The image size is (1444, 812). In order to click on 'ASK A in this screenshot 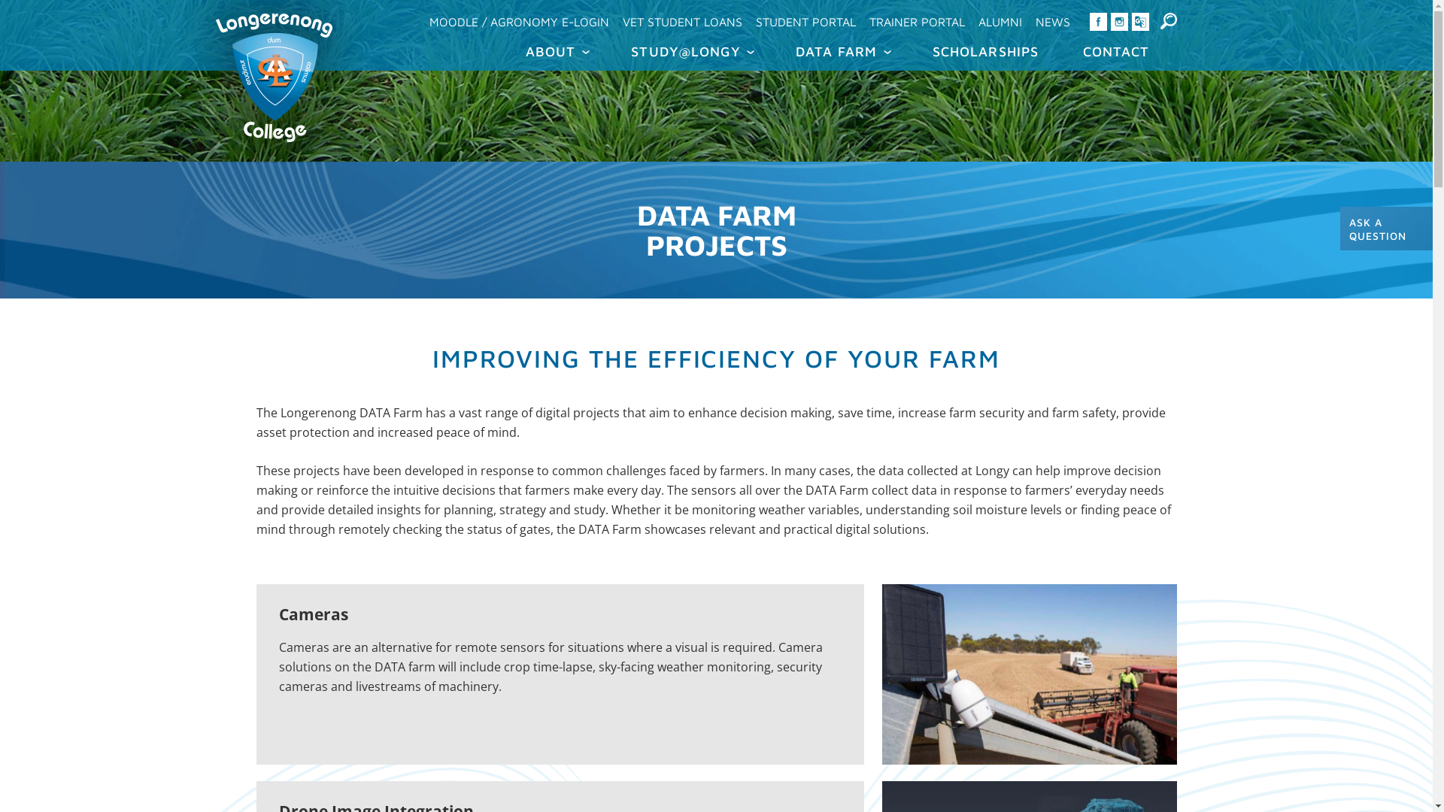, I will do `click(1385, 229)`.